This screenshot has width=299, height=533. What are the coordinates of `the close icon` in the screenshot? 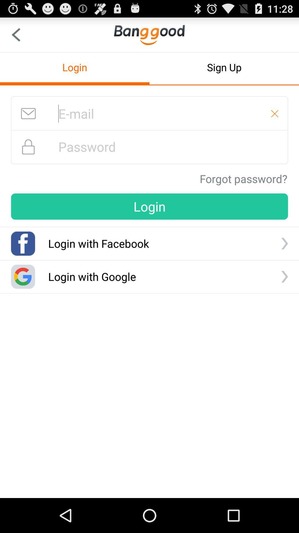 It's located at (275, 121).